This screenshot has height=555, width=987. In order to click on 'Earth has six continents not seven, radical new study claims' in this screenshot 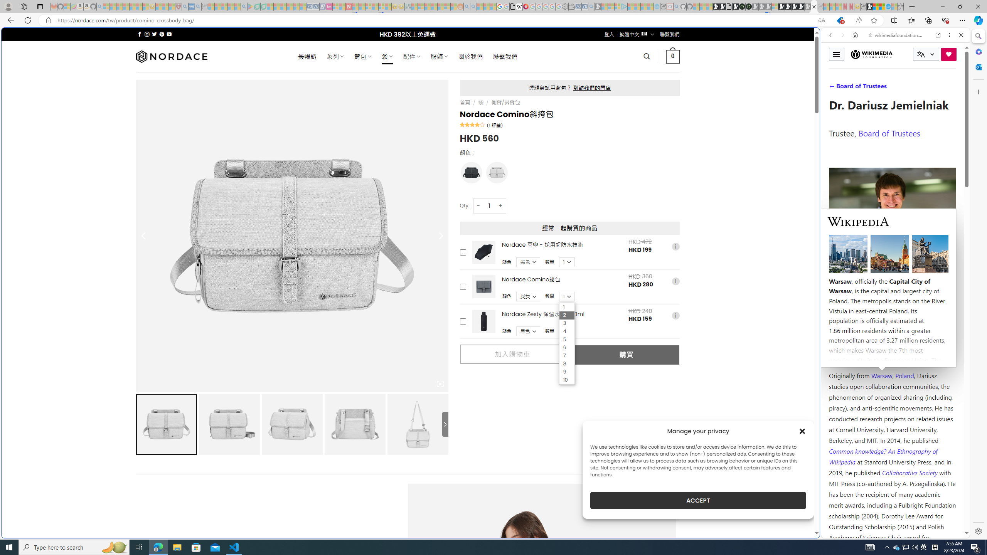, I will do `click(881, 6)`.